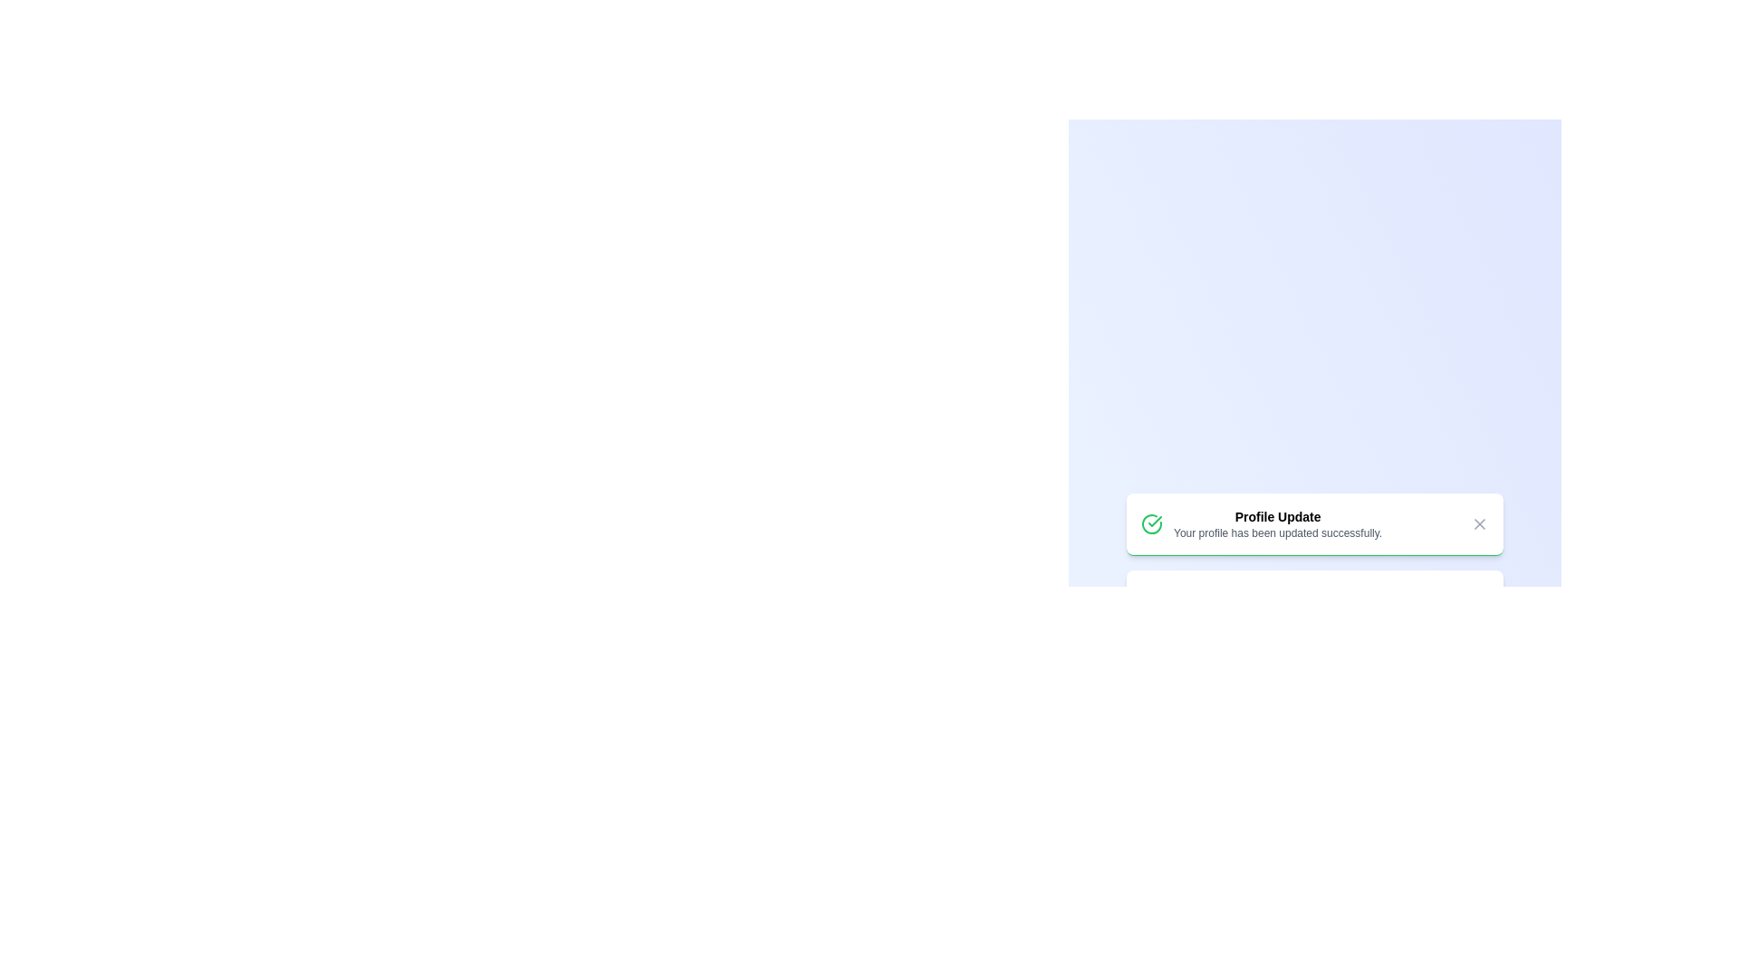  Describe the element at coordinates (1154, 521) in the screenshot. I see `the green checkmark icon located within a green circular icon, which is positioned to the left of the 'Profile Update' text in the bottom-right corner of the notification toast` at that location.